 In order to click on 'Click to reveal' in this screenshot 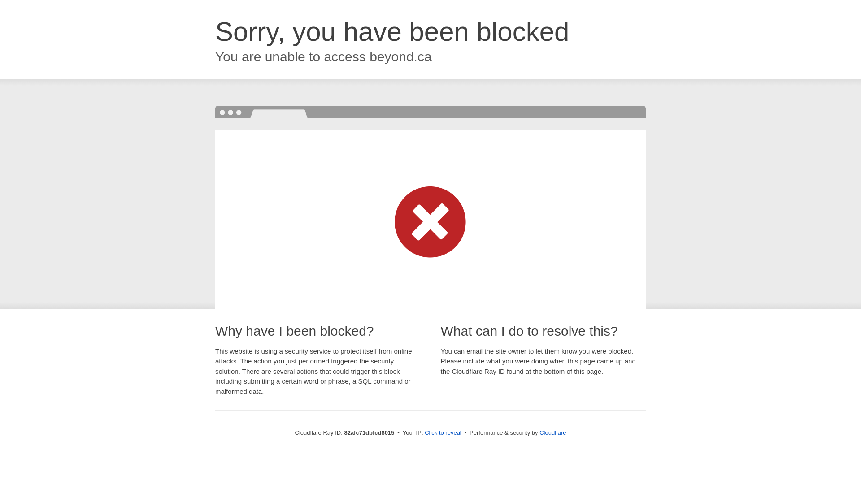, I will do `click(443, 432)`.